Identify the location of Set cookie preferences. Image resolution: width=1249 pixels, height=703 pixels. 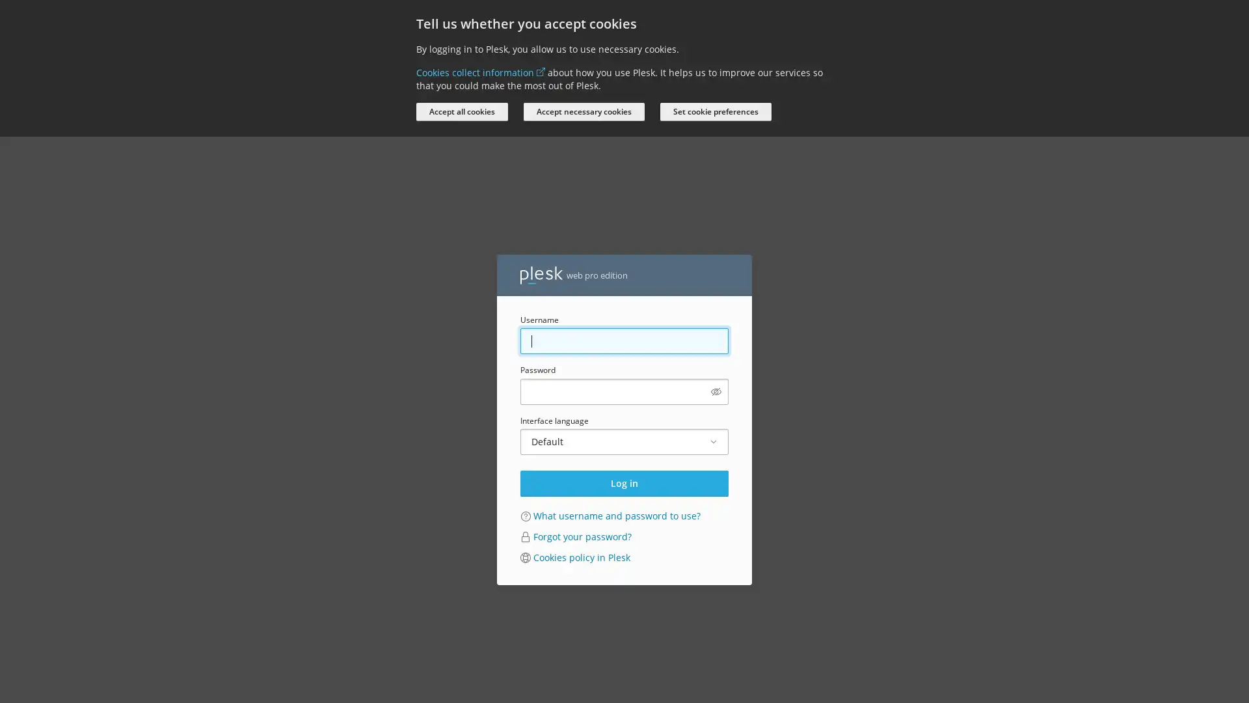
(715, 111).